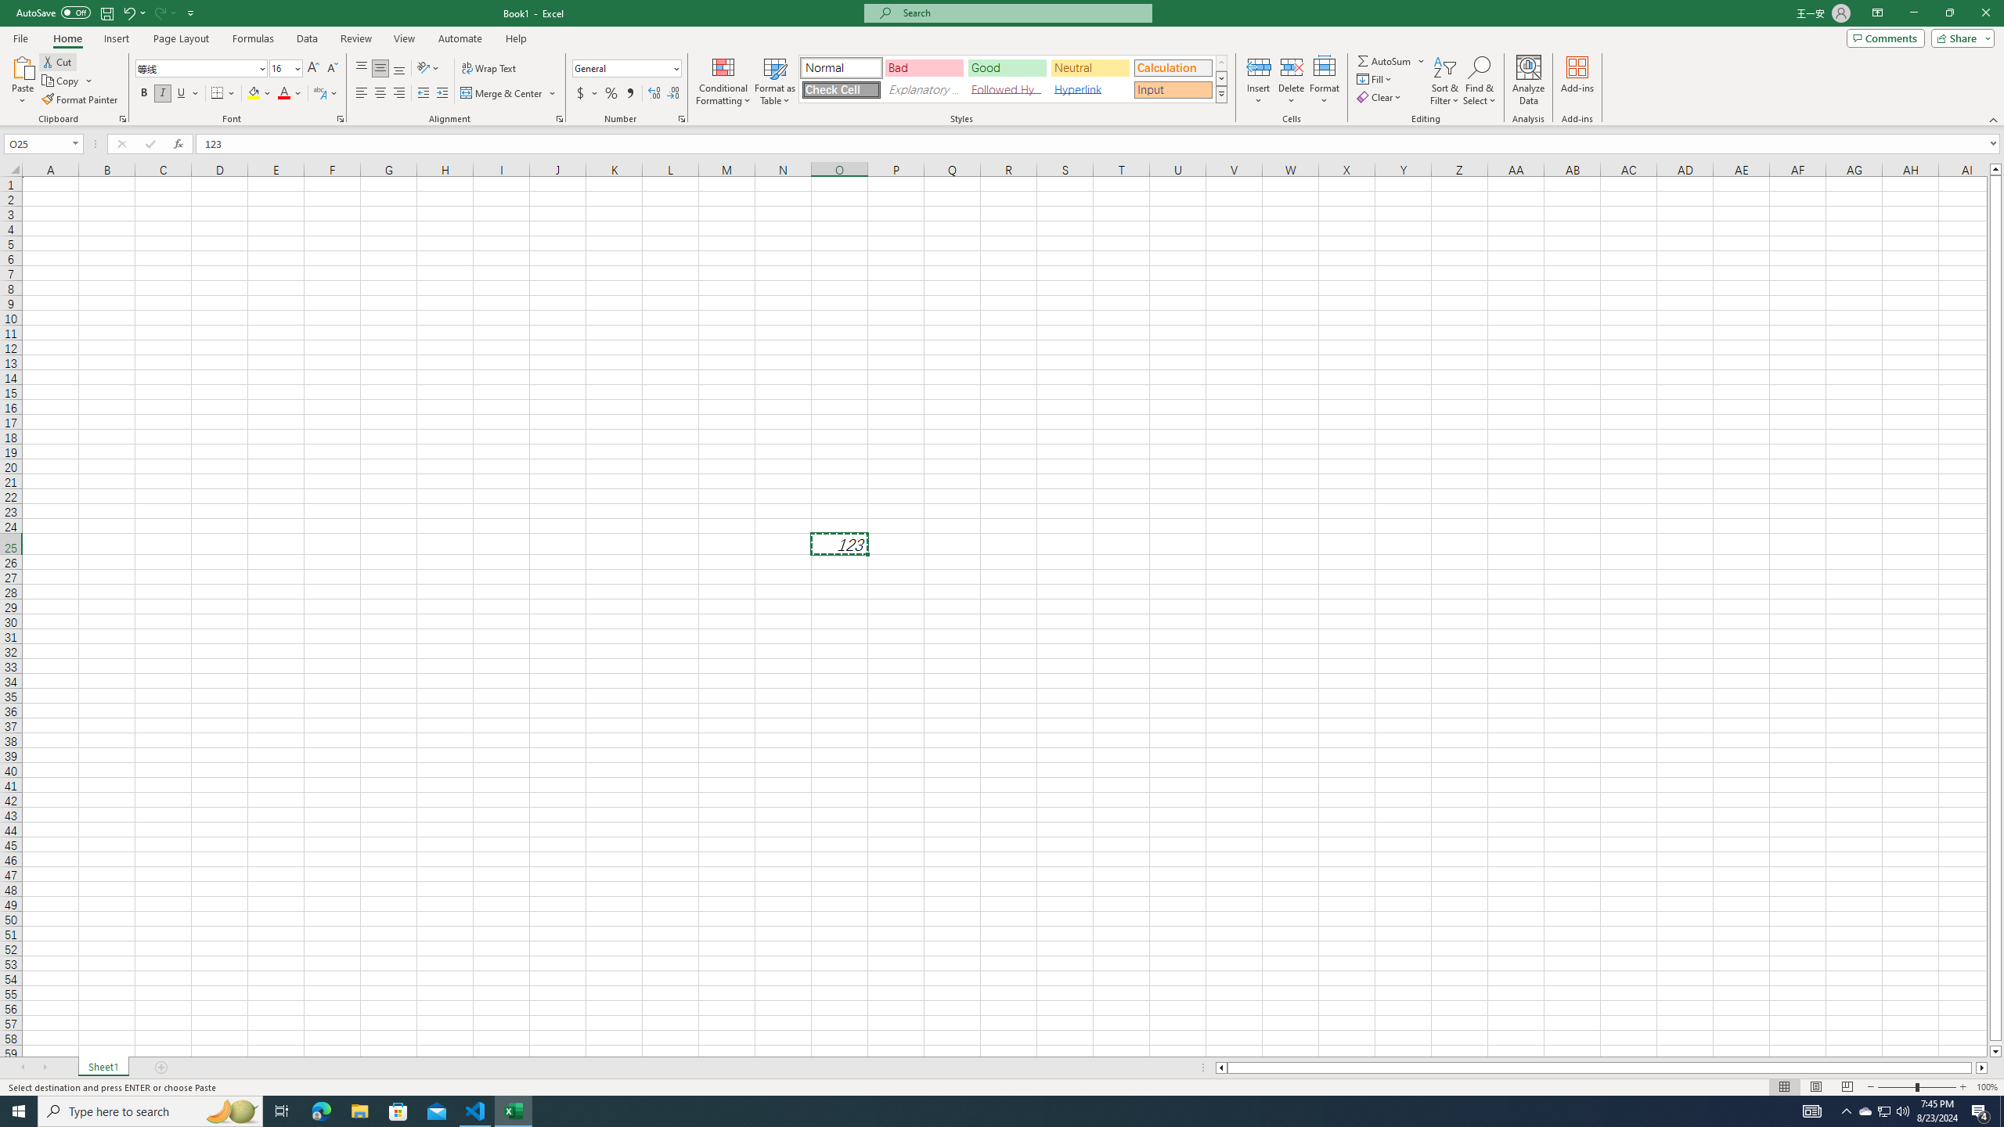 The width and height of the screenshot is (2004, 1127). Describe the element at coordinates (1290, 81) in the screenshot. I see `'Delete'` at that location.